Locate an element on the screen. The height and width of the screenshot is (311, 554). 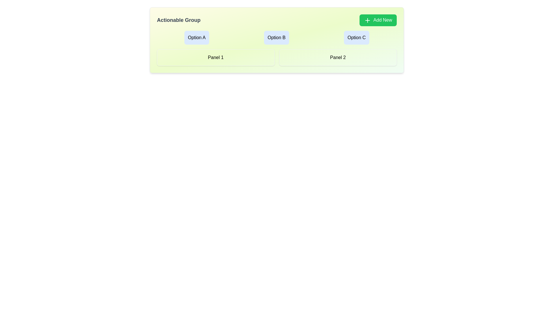
the 'Option B' button, which is a rectangular button with rounded corners, light blue background, and the text 'Option B' centered within it is located at coordinates (276, 37).